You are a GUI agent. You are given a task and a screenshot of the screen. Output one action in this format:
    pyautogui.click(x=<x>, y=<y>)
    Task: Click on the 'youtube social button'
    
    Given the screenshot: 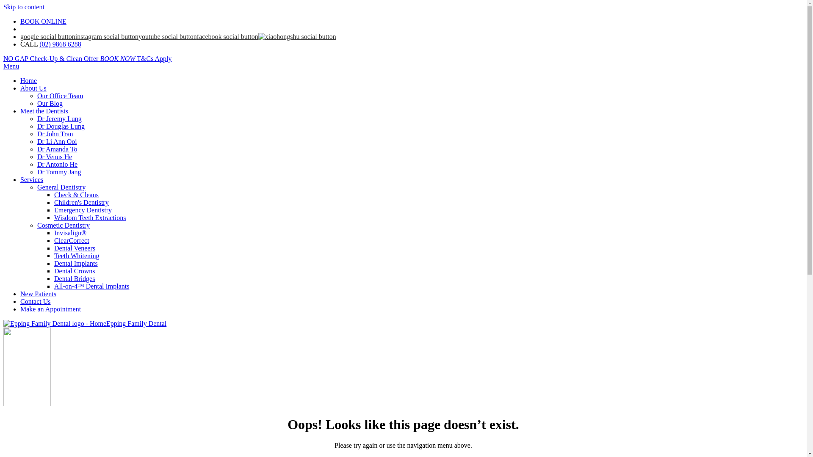 What is the action you would take?
    pyautogui.click(x=167, y=36)
    